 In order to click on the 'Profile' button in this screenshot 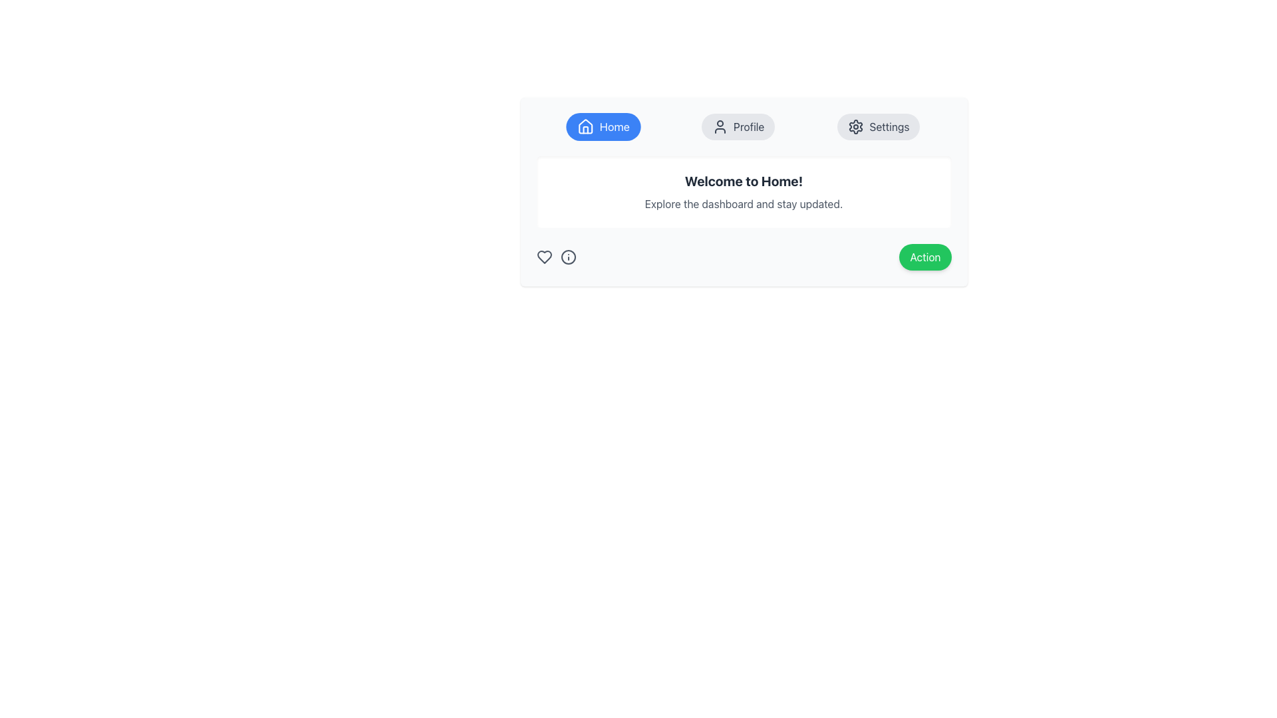, I will do `click(720, 127)`.